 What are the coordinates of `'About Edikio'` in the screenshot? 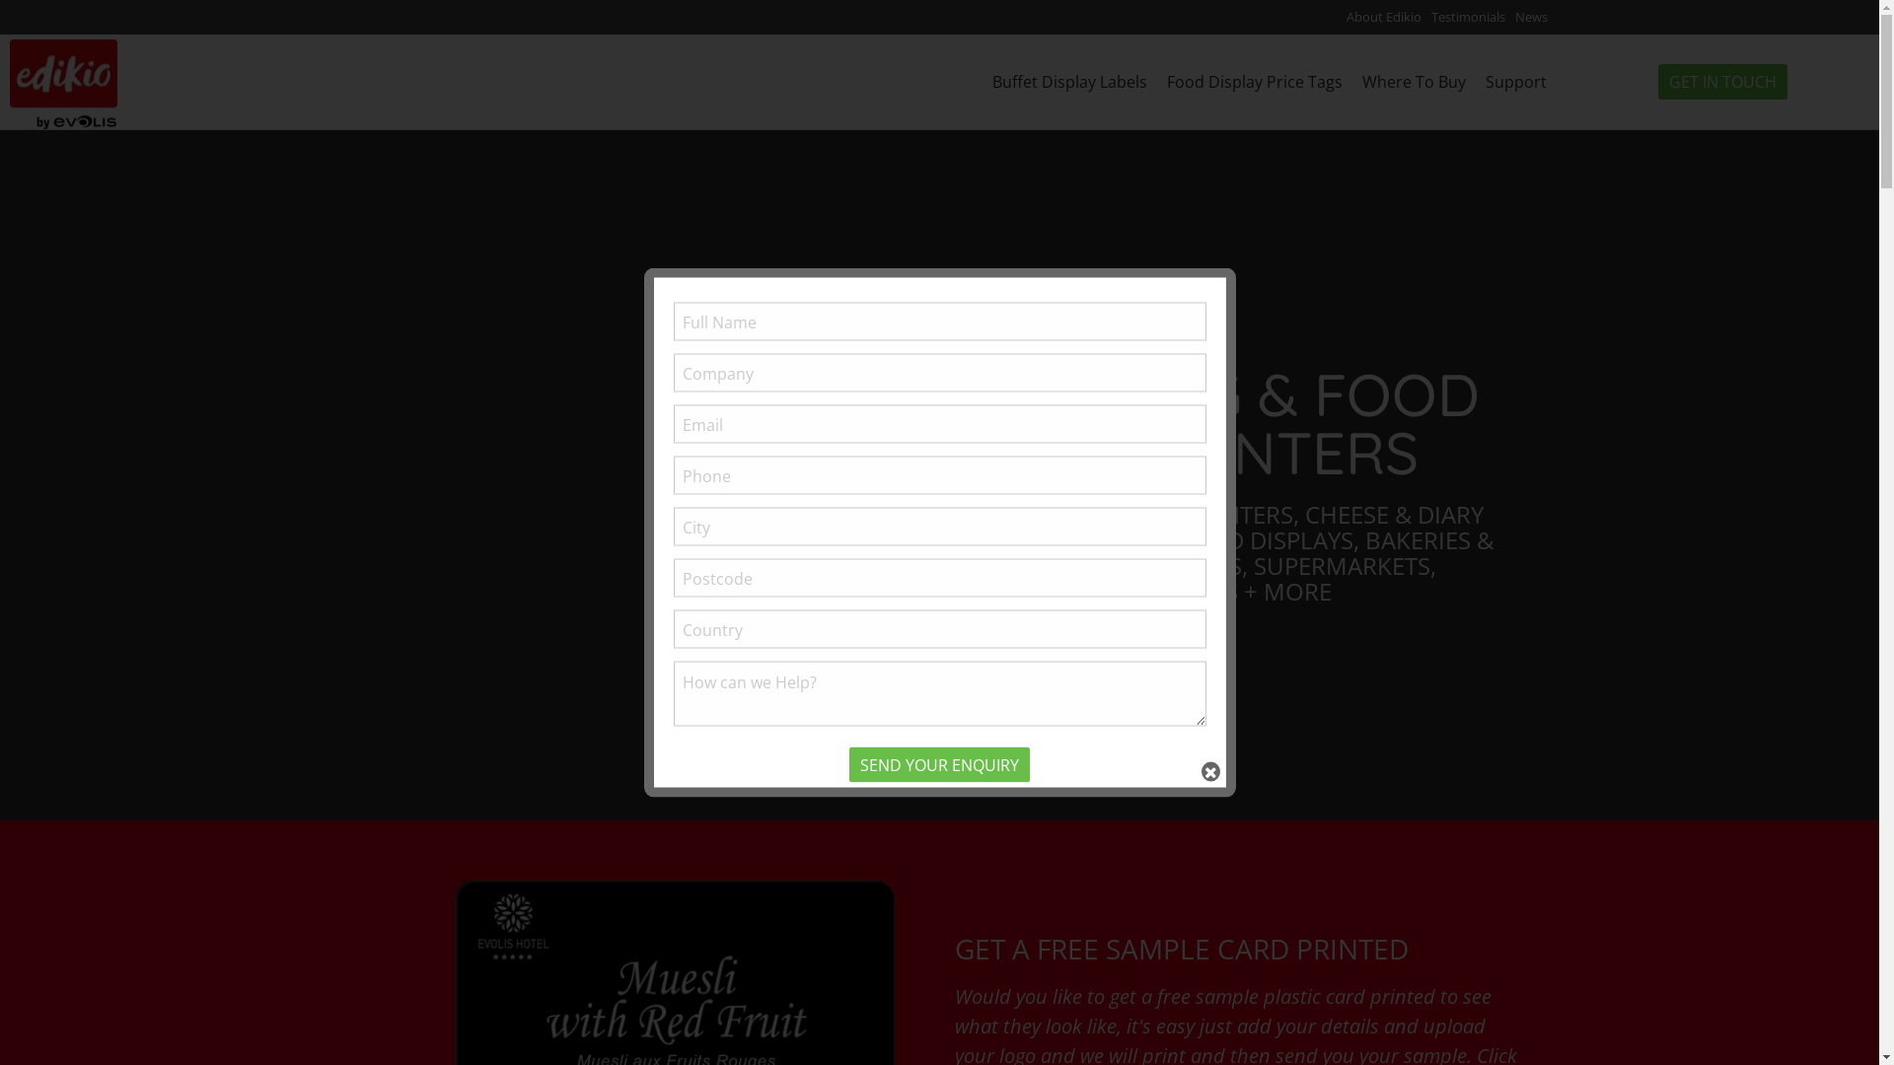 It's located at (1382, 17).